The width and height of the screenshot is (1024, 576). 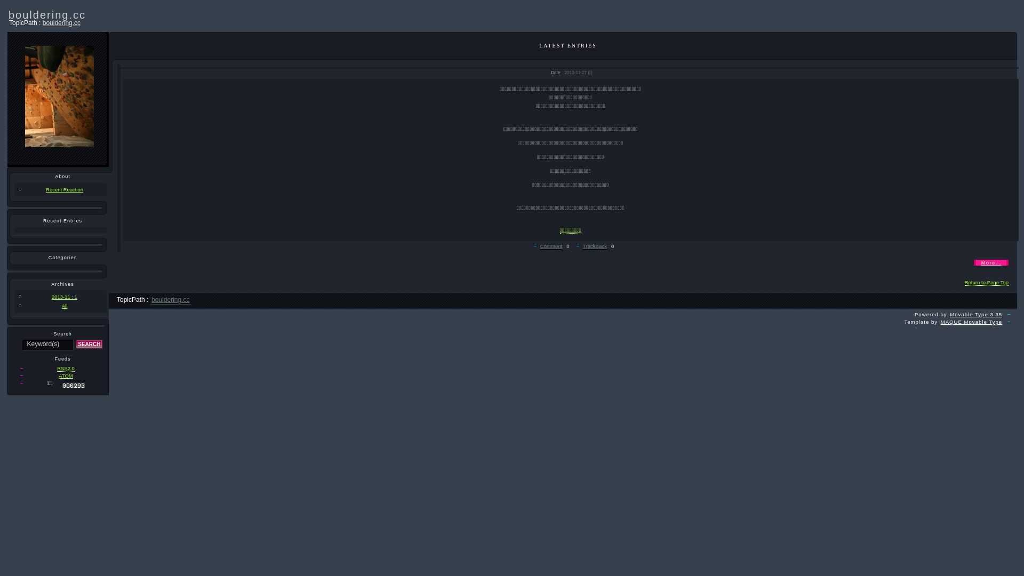 What do you see at coordinates (56, 367) in the screenshot?
I see `'RSS2.0'` at bounding box center [56, 367].